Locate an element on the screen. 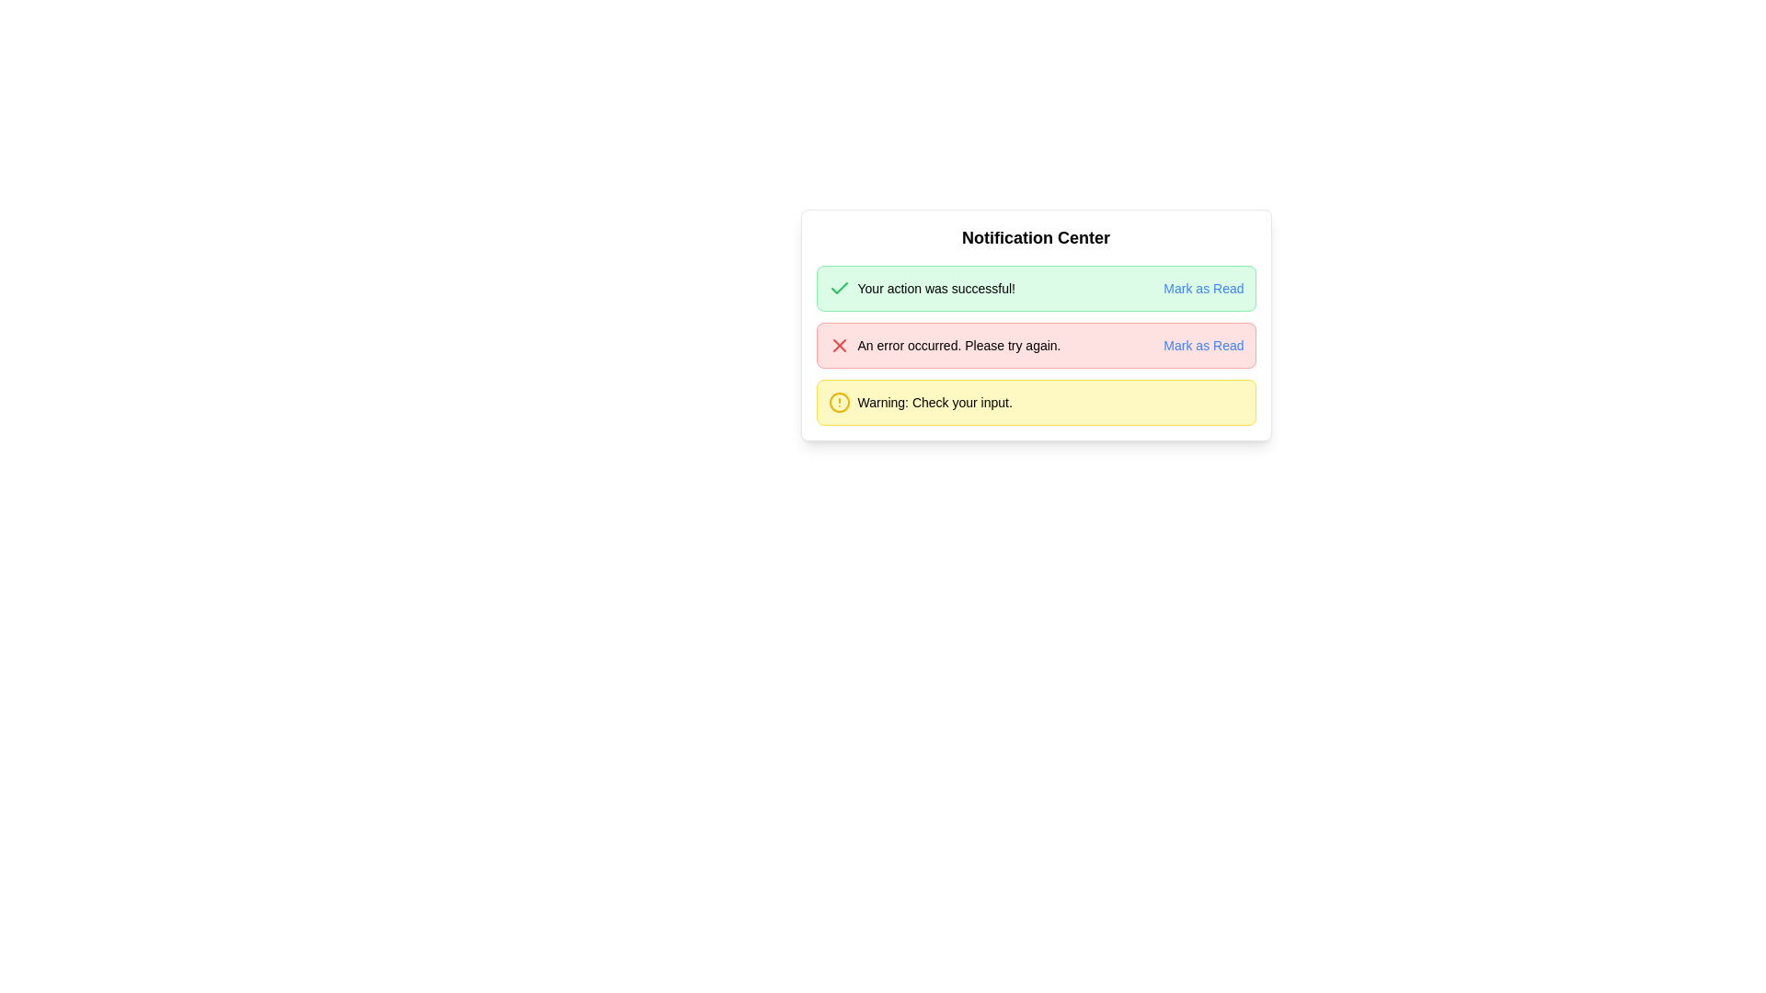 Image resolution: width=1766 pixels, height=993 pixels. the third notification in the 'Notification Center' widget, which serves as a warning notification for potentially incorrect input is located at coordinates (920, 402).